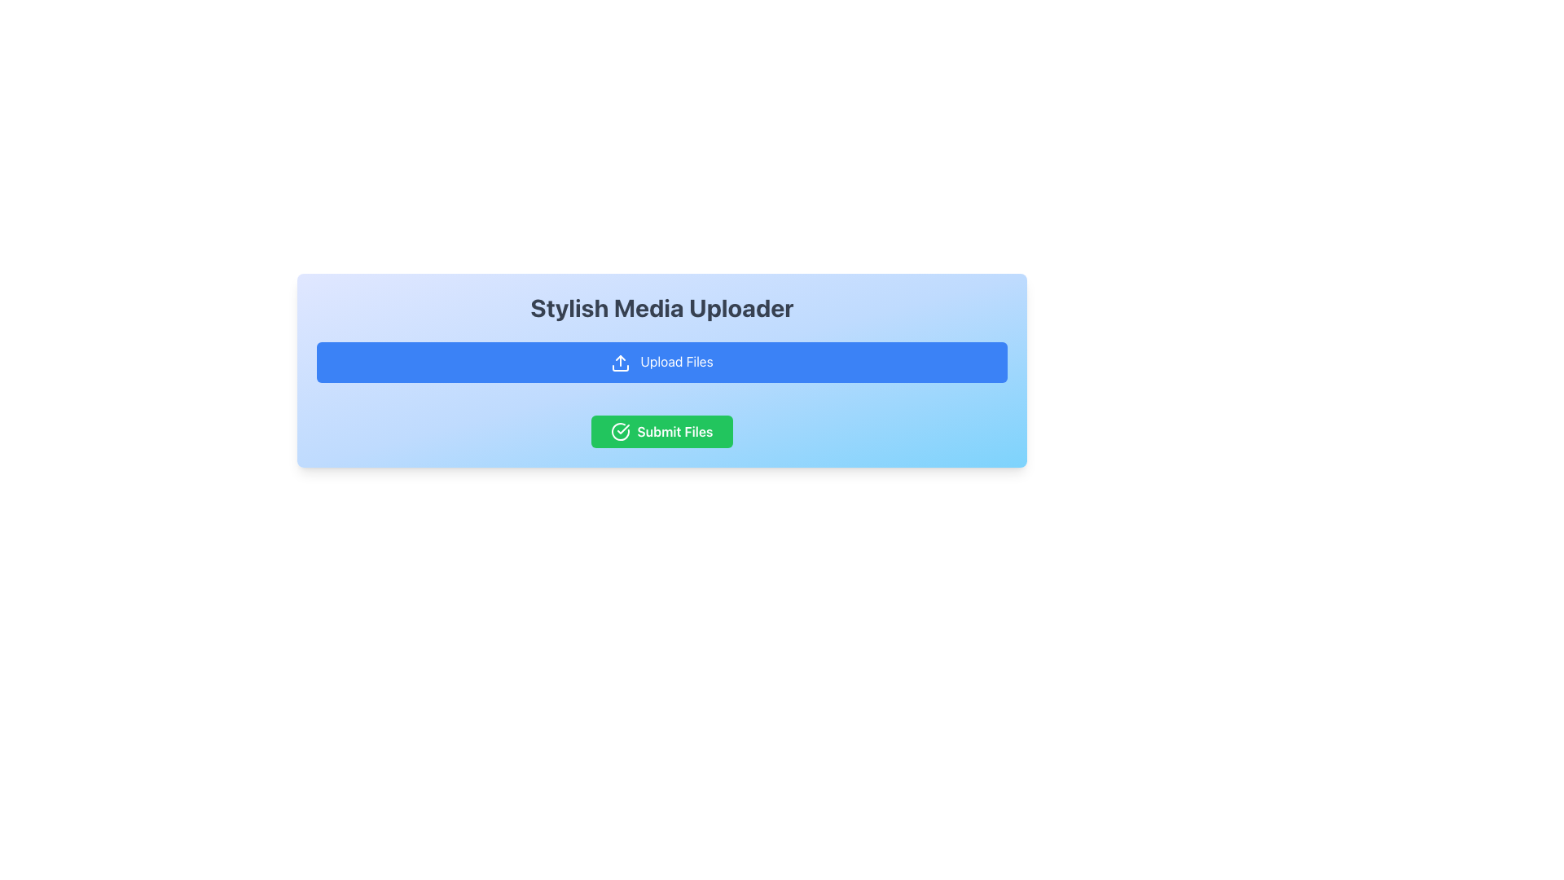 Image resolution: width=1564 pixels, height=880 pixels. I want to click on the circular green icon with a check mark, located to the left of the 'Submit Files' text on the button, so click(620, 430).